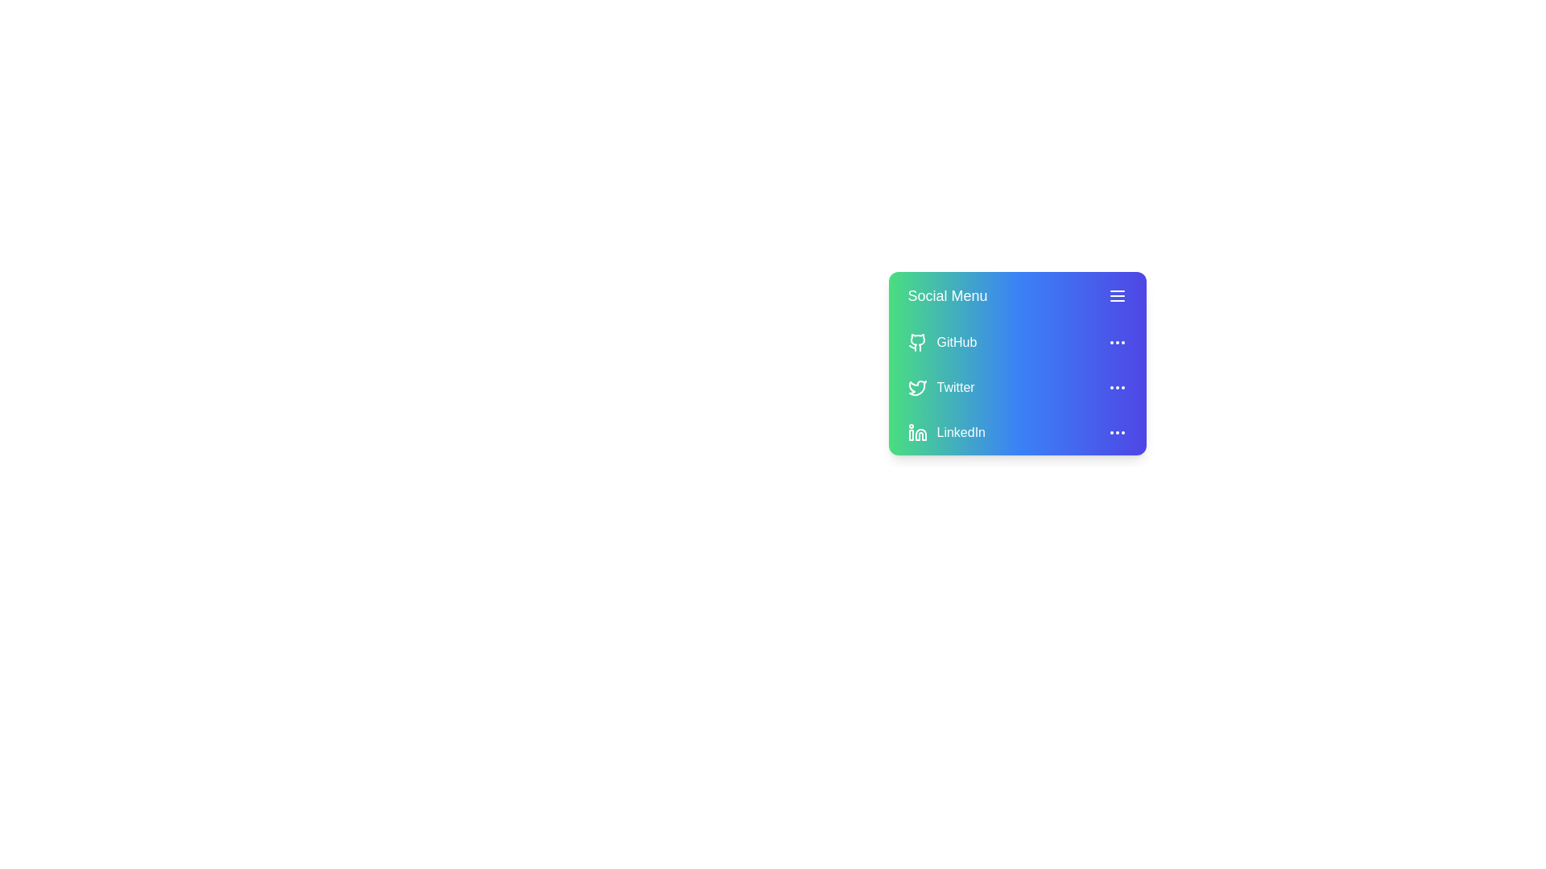 The width and height of the screenshot is (1546, 869). What do you see at coordinates (957, 341) in the screenshot?
I see `the GitHub item in the menu to navigate to its respective link` at bounding box center [957, 341].